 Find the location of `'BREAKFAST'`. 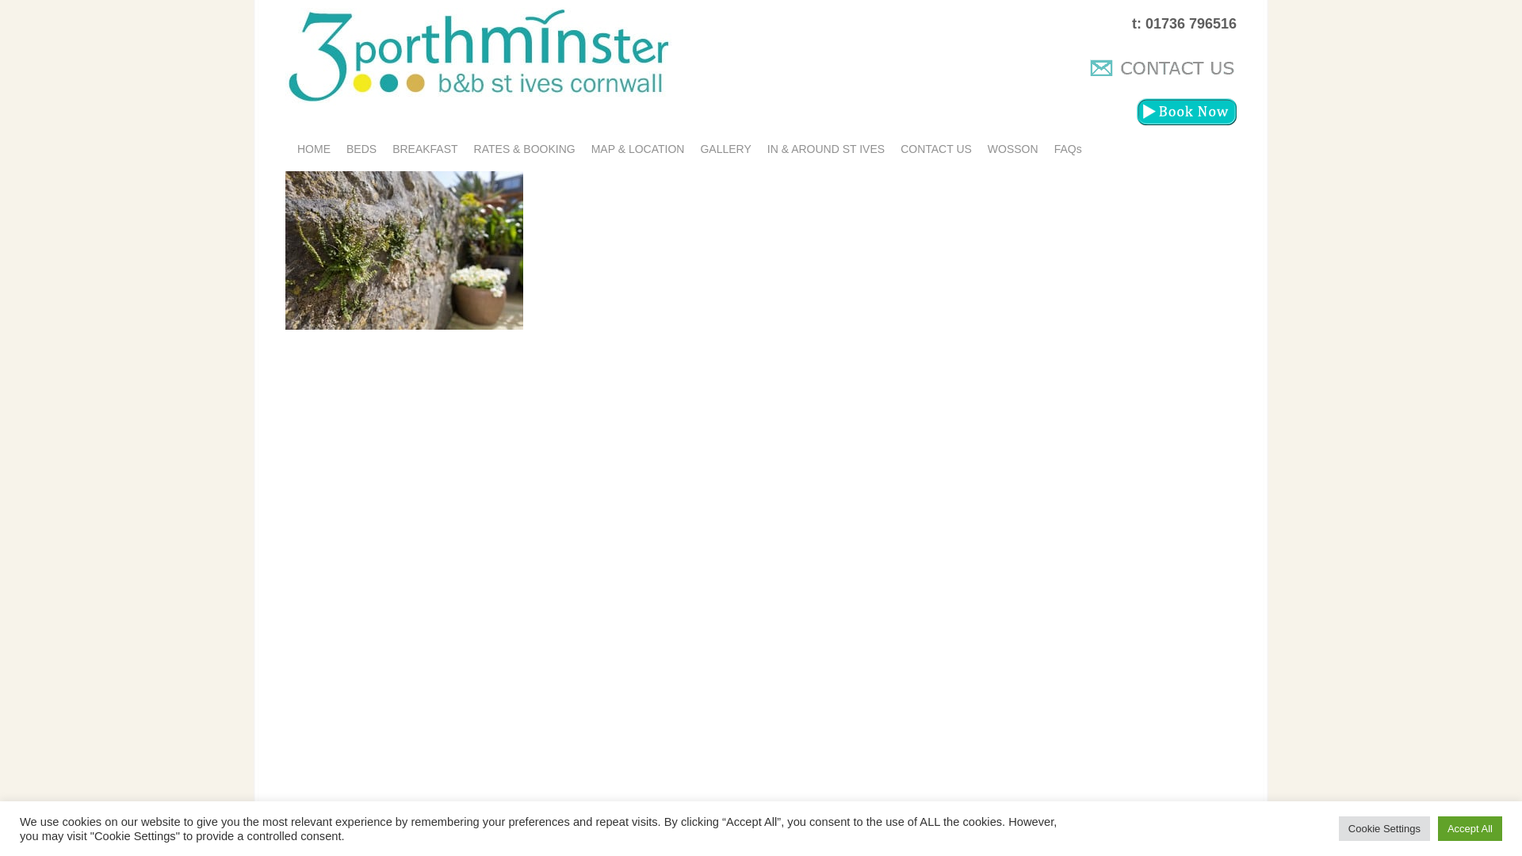

'BREAKFAST' is located at coordinates (425, 149).